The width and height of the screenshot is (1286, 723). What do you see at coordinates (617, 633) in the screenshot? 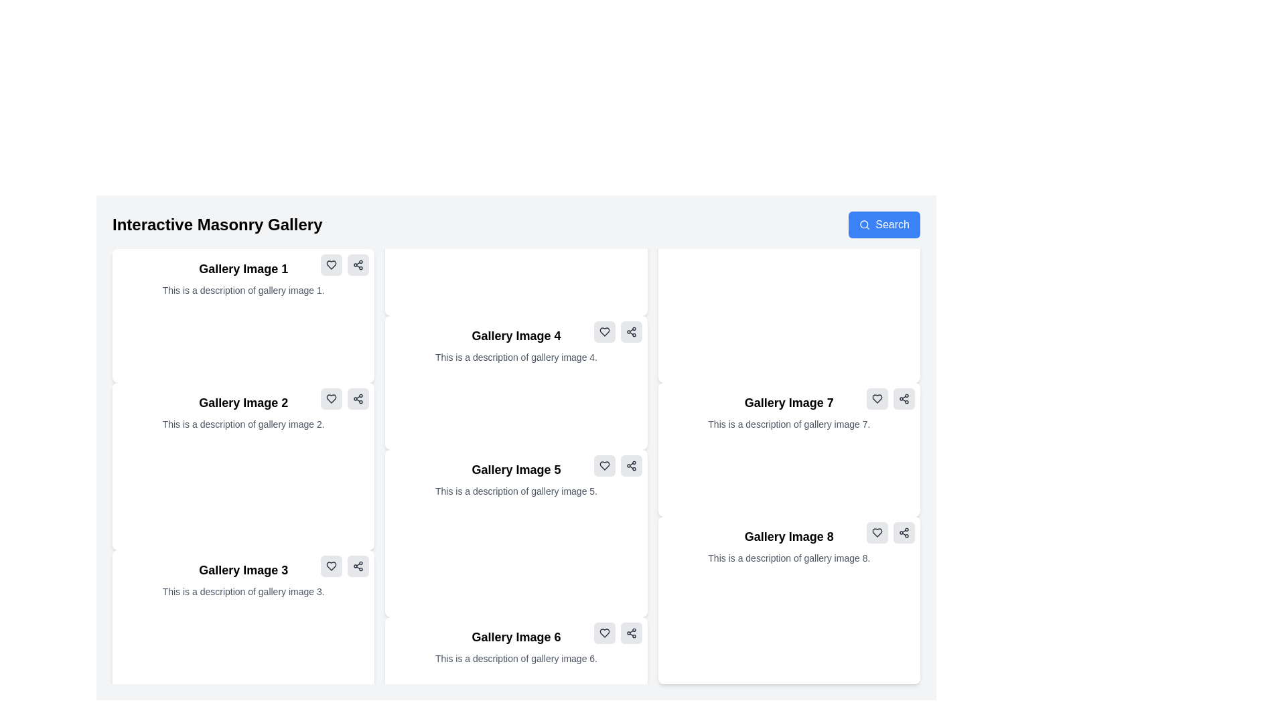
I see `the heart icon in the interactive icons group located in the upper right corner of the 'Gallery Image 6' component` at bounding box center [617, 633].